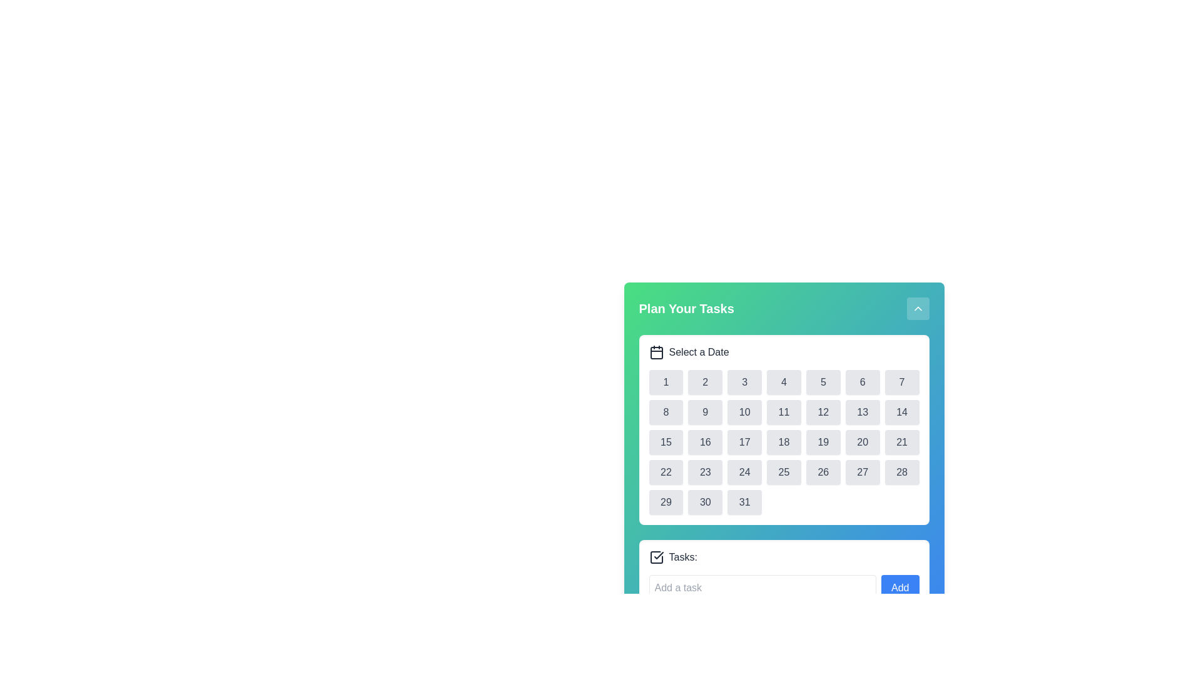  What do you see at coordinates (823, 412) in the screenshot?
I see `the rectangular button labeled '12' with dark gray text in the second row, fifth column of the grid layout` at bounding box center [823, 412].